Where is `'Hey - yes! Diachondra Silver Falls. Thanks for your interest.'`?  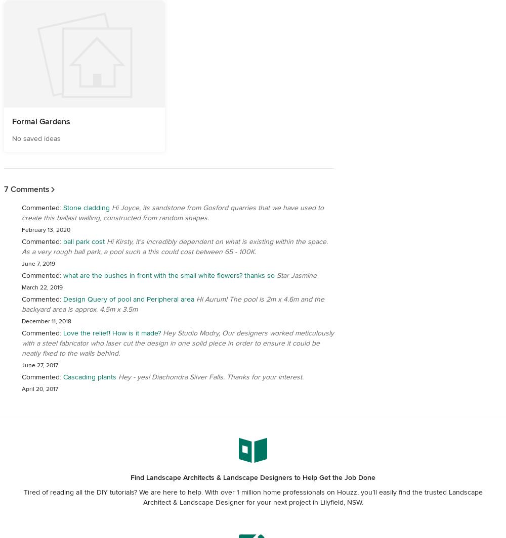
'Hey - yes! Diachondra Silver Falls. Thanks for your interest.' is located at coordinates (118, 377).